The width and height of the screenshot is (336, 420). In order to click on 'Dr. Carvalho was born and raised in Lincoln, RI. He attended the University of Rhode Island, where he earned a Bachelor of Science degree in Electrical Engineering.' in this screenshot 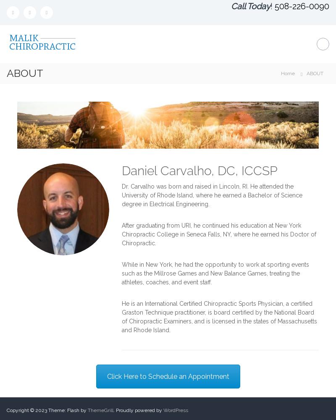, I will do `click(211, 194)`.